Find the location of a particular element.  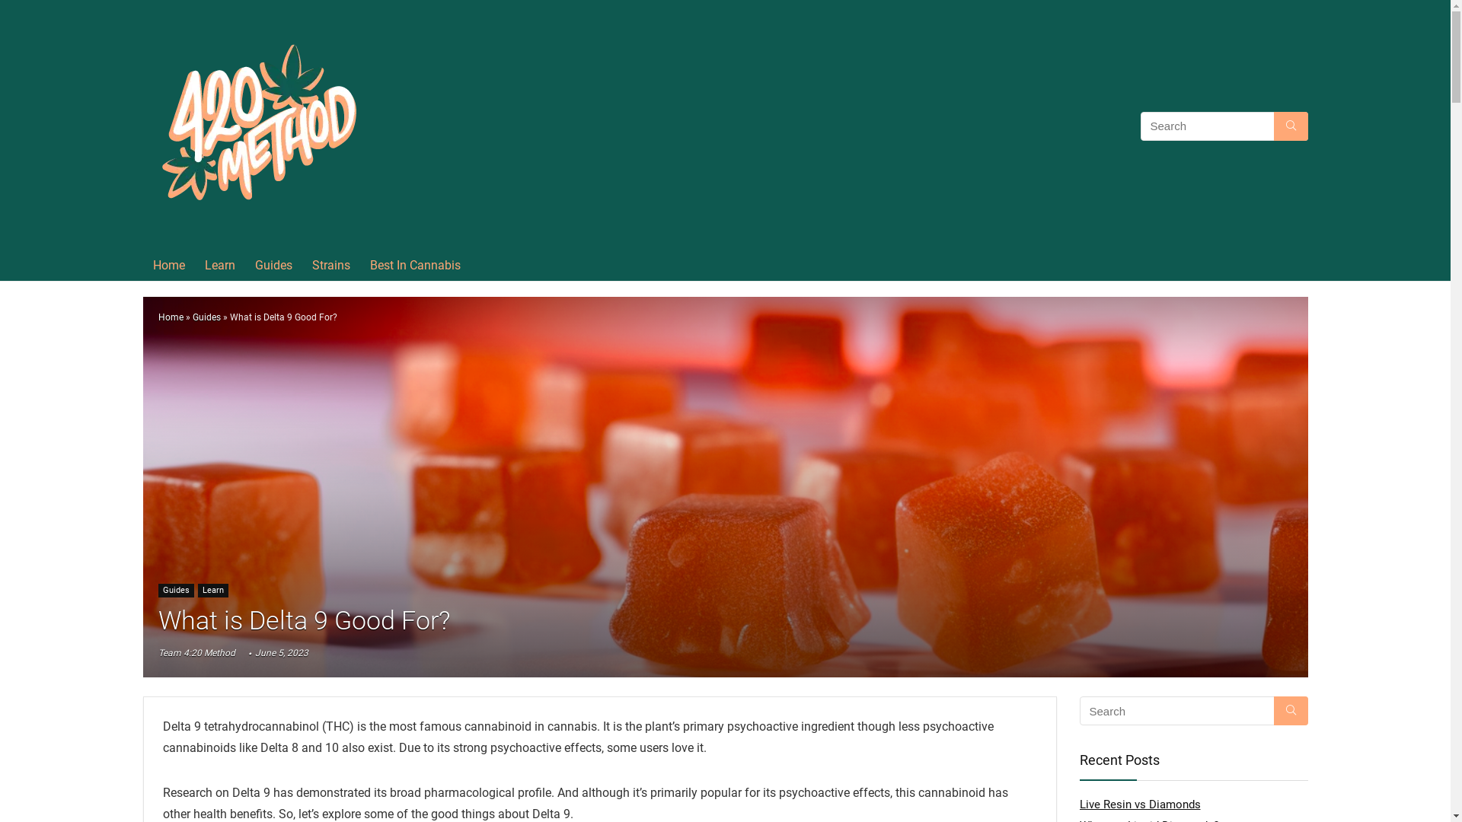

'Guides' is located at coordinates (244, 266).